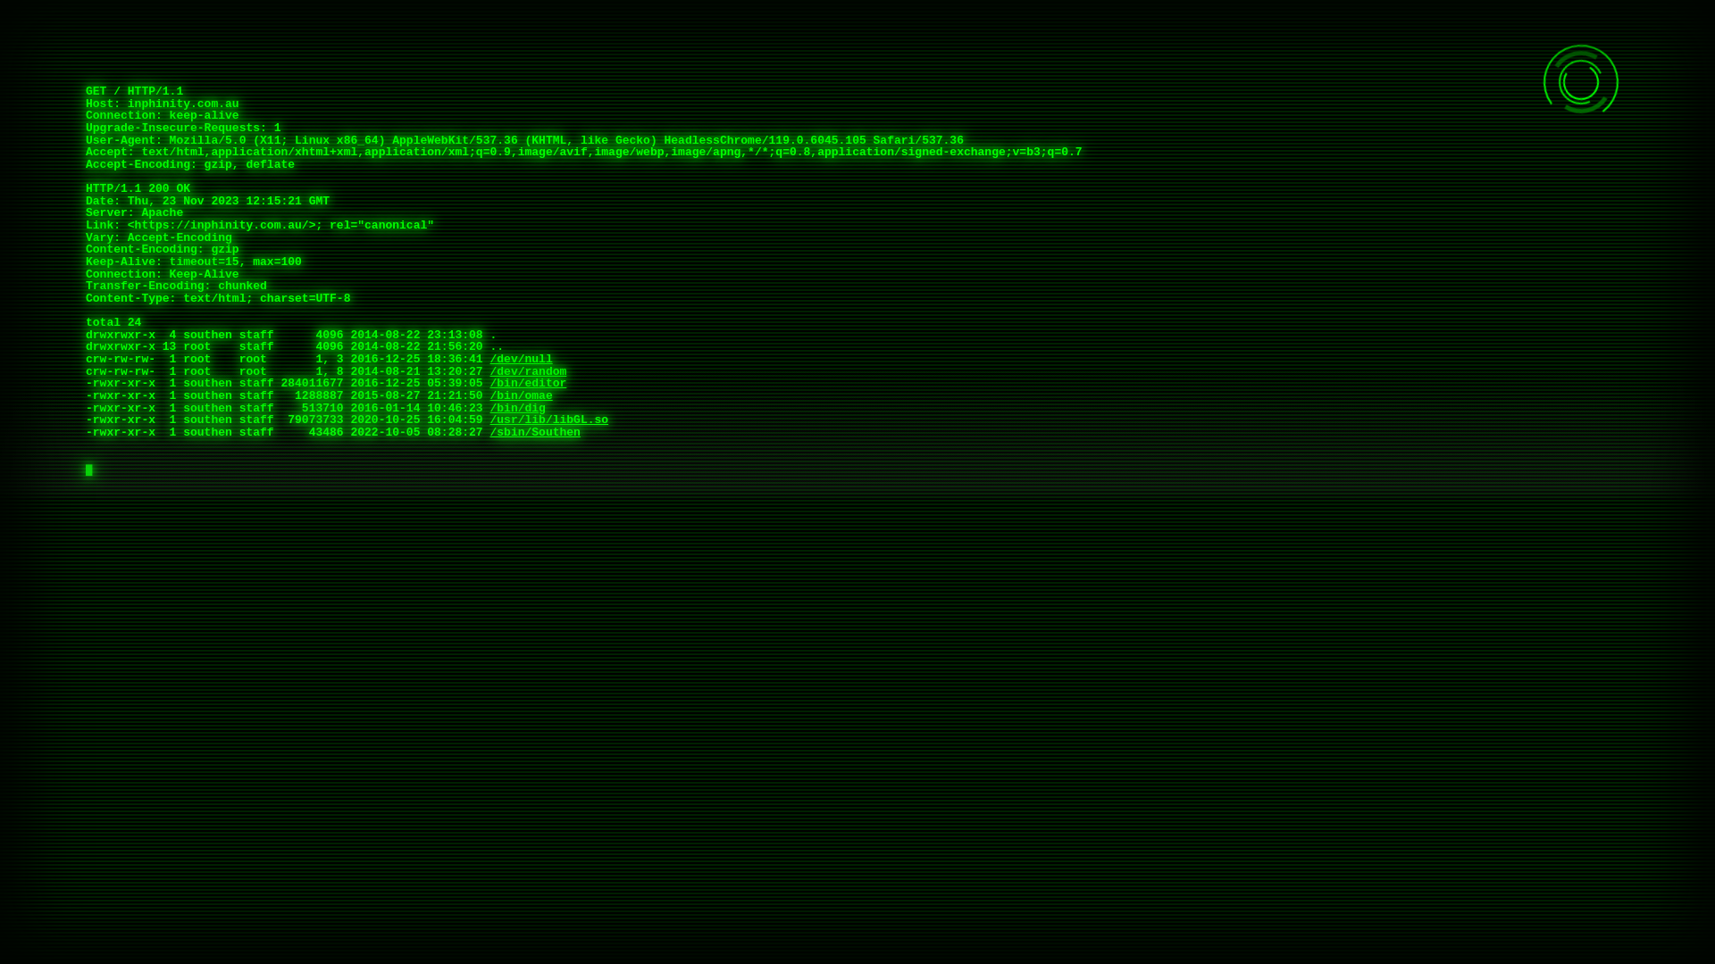 Image resolution: width=1715 pixels, height=964 pixels. I want to click on '/bin/omae', so click(519, 395).